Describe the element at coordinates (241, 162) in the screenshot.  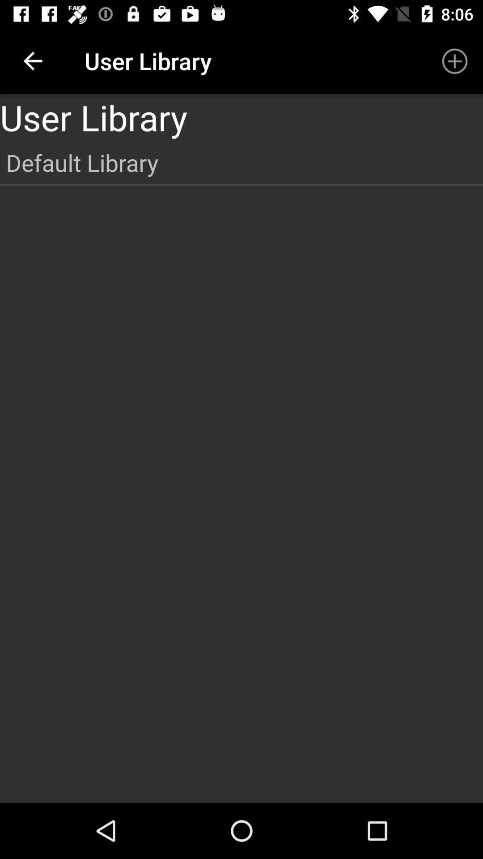
I see `the default library` at that location.